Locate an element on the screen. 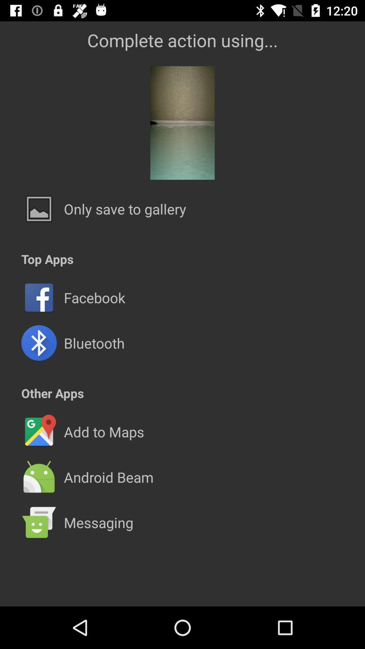 The width and height of the screenshot is (365, 649). bluetooth icon is located at coordinates (94, 343).